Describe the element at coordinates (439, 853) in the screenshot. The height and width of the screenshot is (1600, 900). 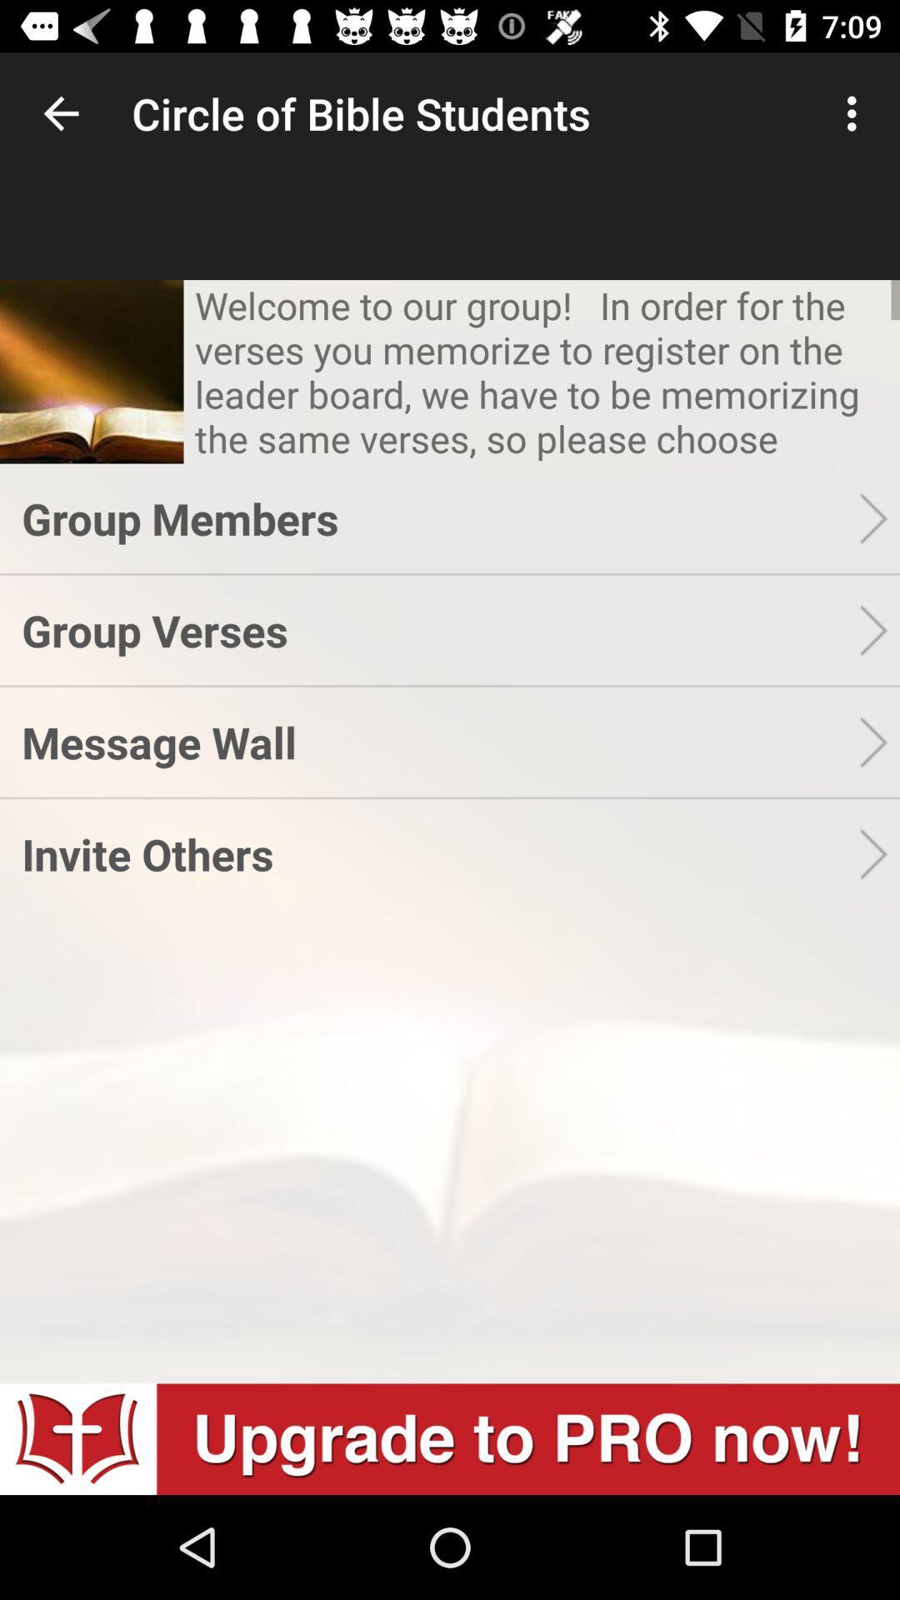
I see `invite others app` at that location.